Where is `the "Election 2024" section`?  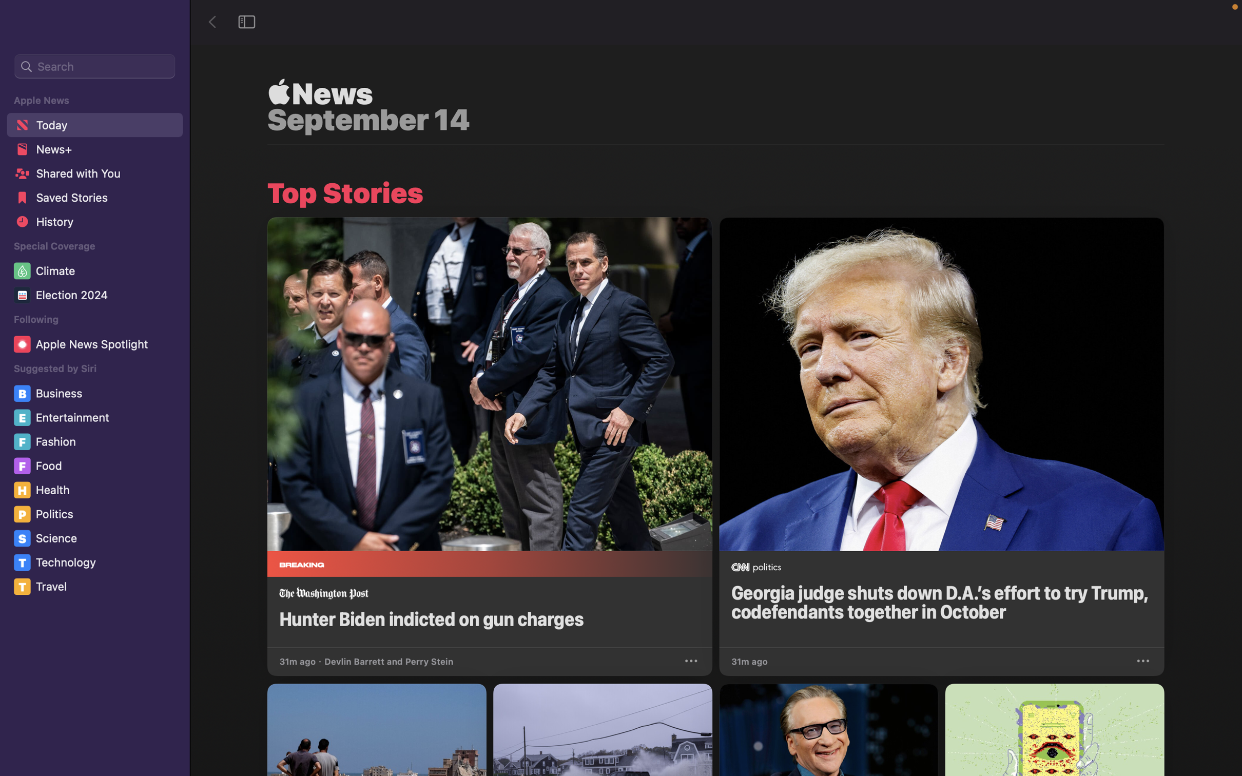
the "Election 2024" section is located at coordinates (96, 297).